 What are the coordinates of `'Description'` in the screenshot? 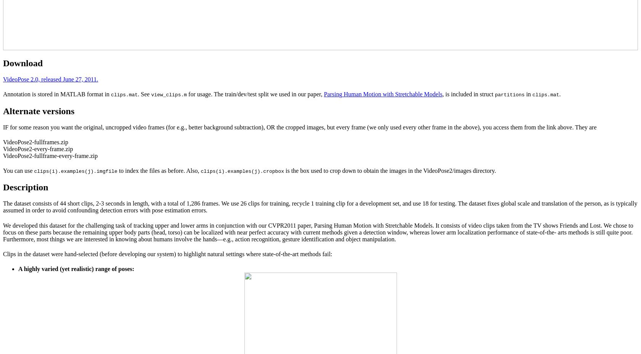 It's located at (3, 187).